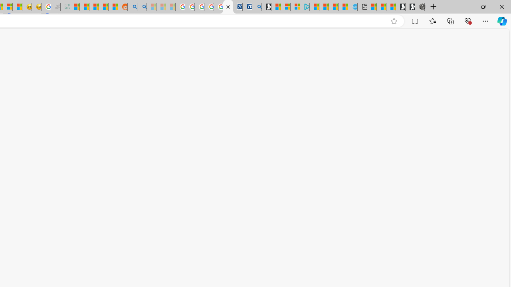 This screenshot has width=511, height=287. What do you see at coordinates (142, 7) in the screenshot?
I see `'Utah sues federal government - Search'` at bounding box center [142, 7].